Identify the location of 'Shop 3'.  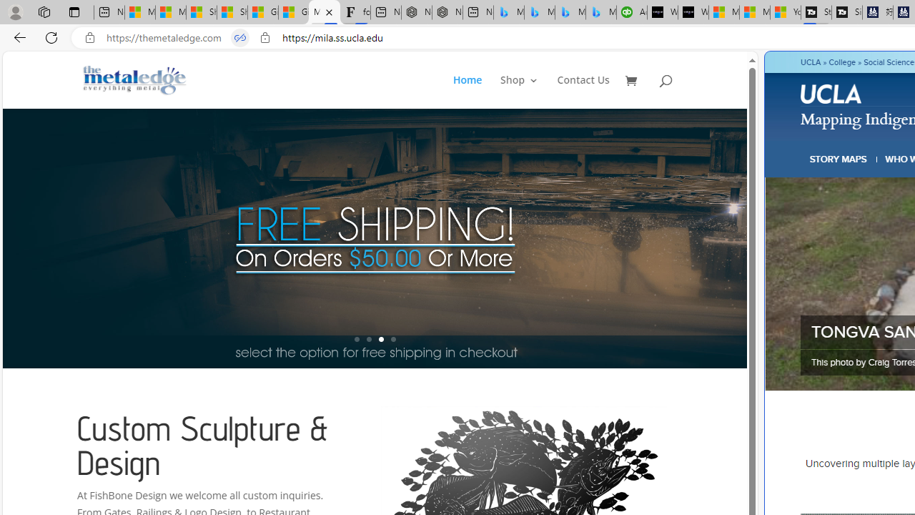
(519, 92).